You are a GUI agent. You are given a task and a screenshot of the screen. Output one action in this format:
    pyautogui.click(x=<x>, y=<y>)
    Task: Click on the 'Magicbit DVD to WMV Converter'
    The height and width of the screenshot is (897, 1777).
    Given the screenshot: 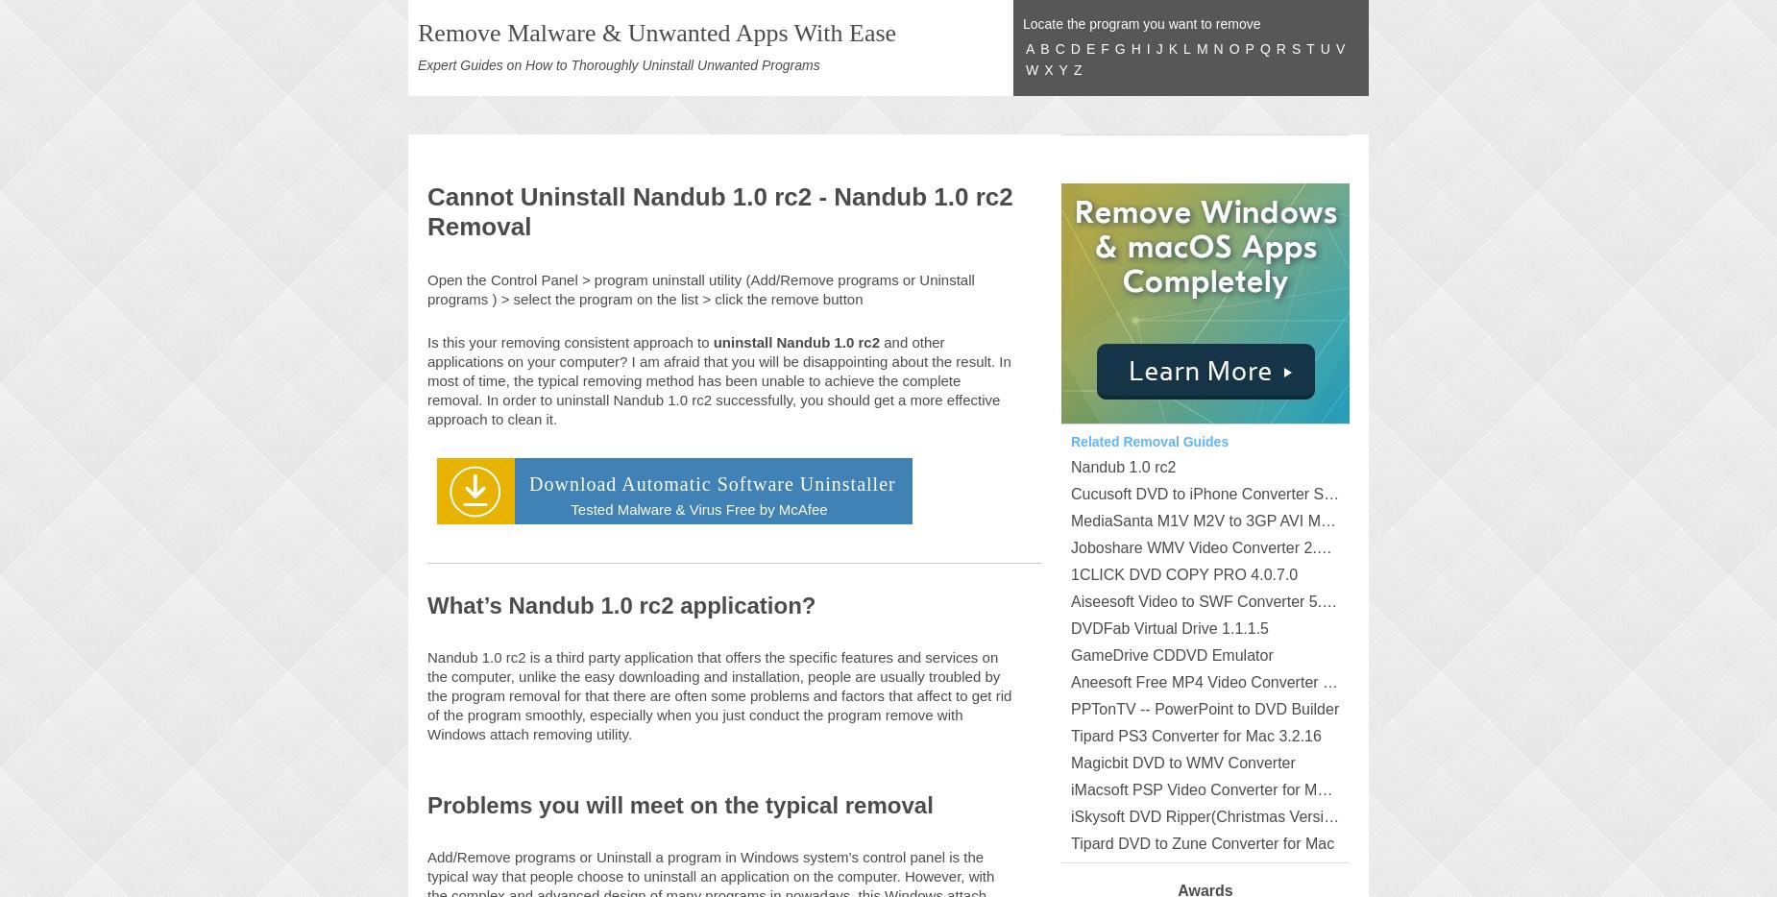 What is the action you would take?
    pyautogui.click(x=1069, y=762)
    